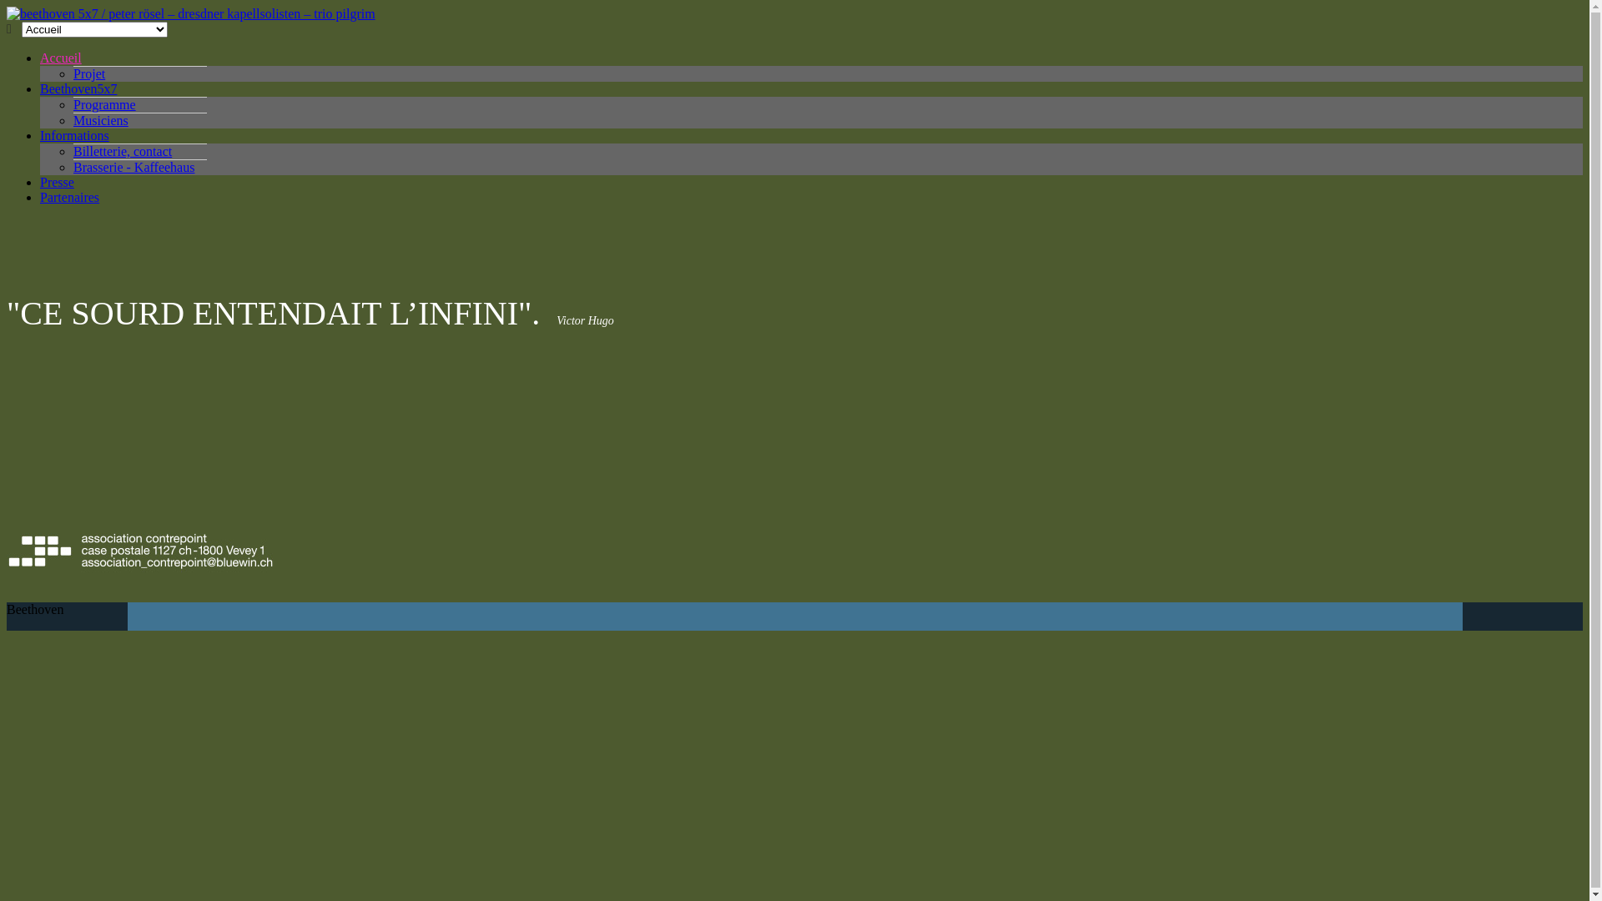 This screenshot has width=1602, height=901. I want to click on 'Projet', so click(72, 73).